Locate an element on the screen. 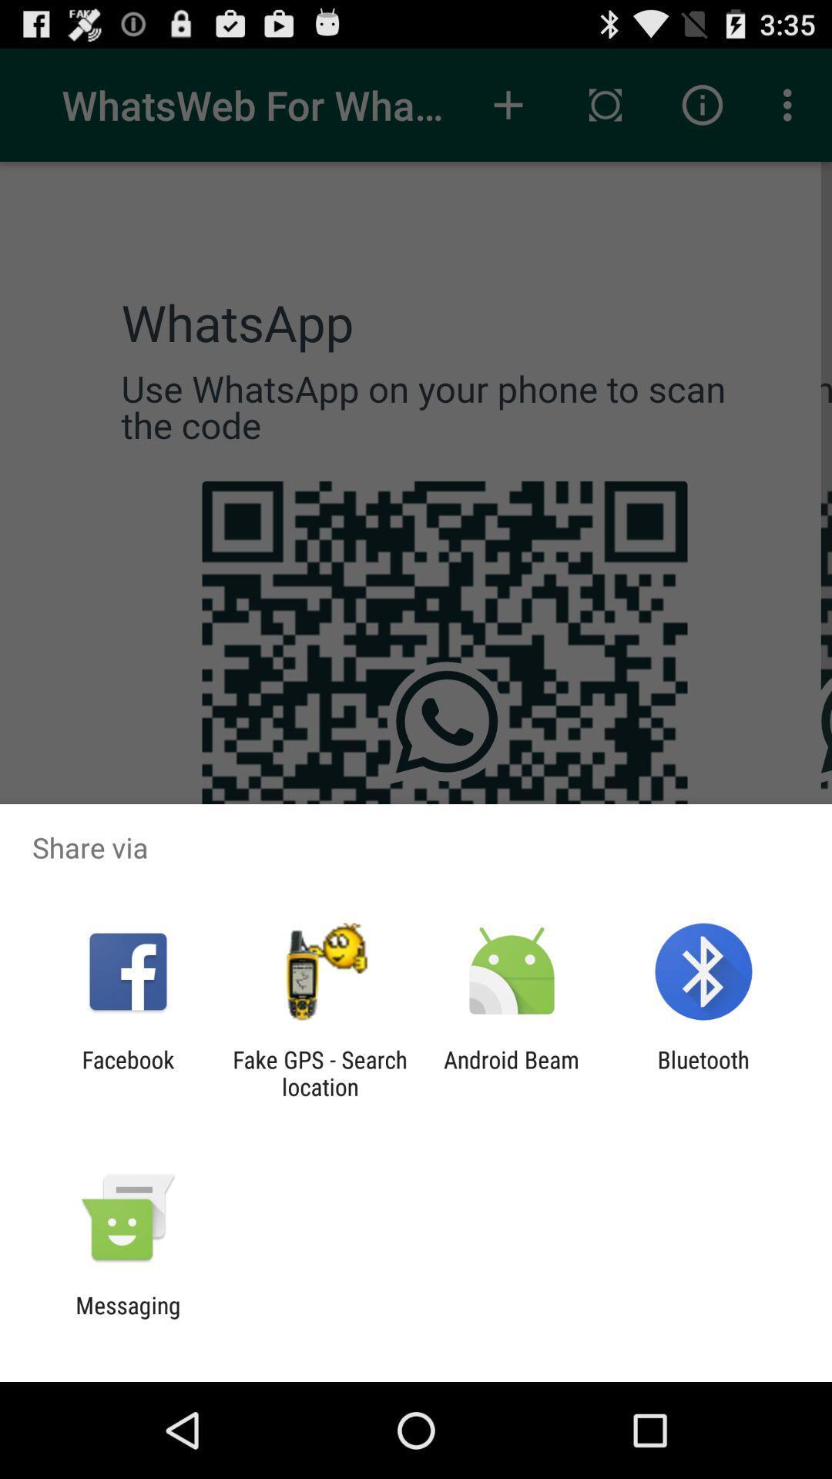 This screenshot has width=832, height=1479. the item to the right of facebook app is located at coordinates (319, 1072).